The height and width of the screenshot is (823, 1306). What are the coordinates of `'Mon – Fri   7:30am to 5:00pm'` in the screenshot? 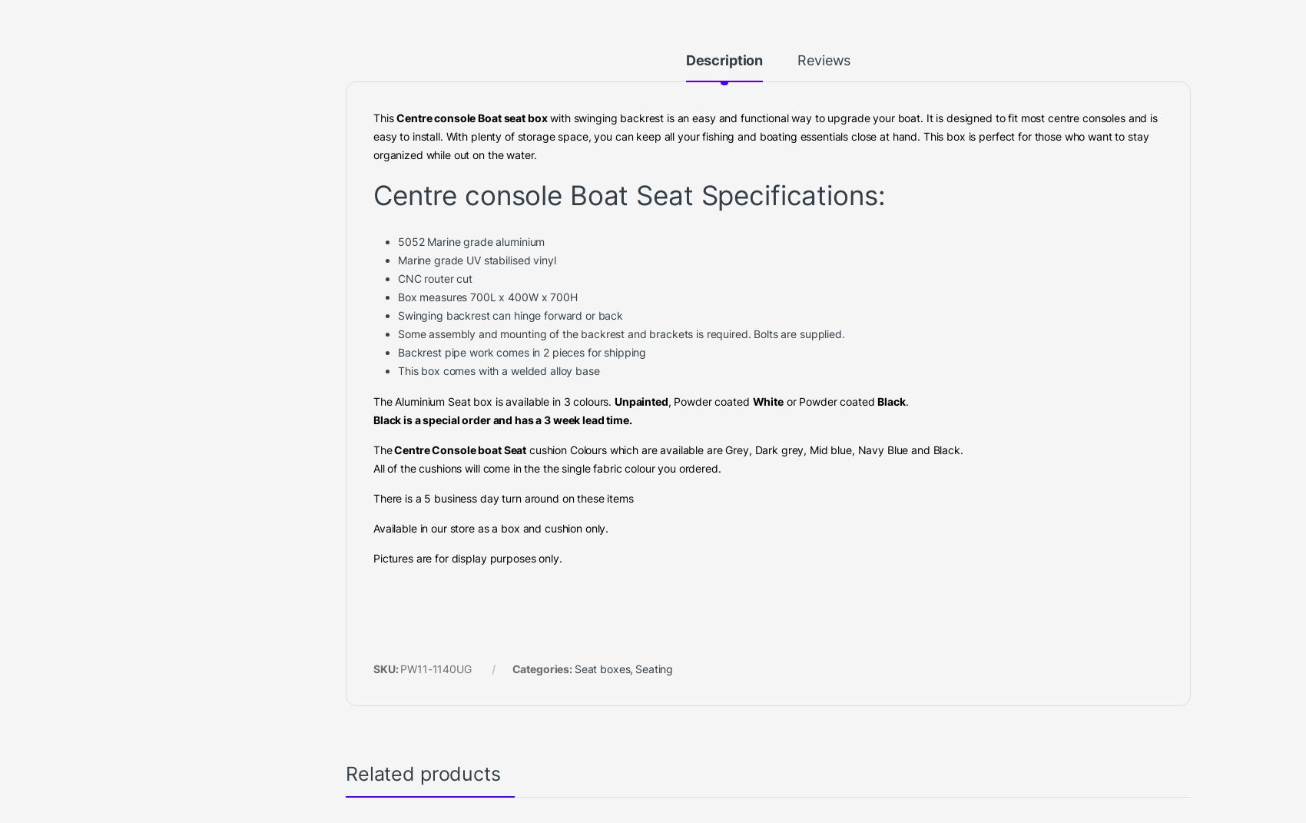 It's located at (179, 63).